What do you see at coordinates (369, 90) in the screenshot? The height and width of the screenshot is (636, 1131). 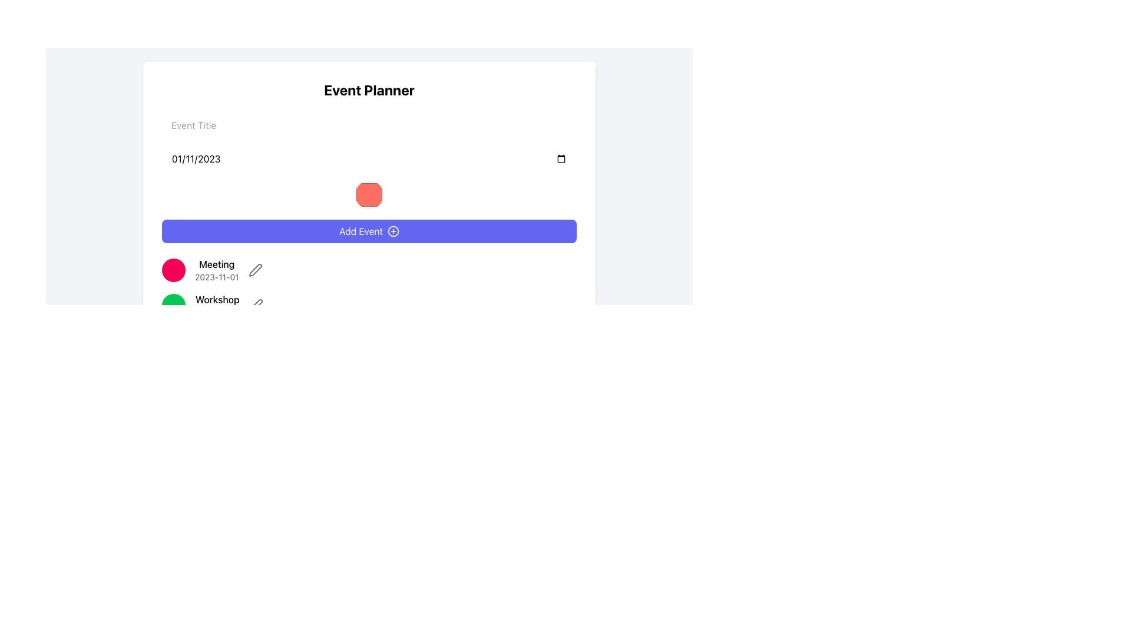 I see `the bold text label reading 'Event Planner' that is centrally aligned near the top of the content area` at bounding box center [369, 90].